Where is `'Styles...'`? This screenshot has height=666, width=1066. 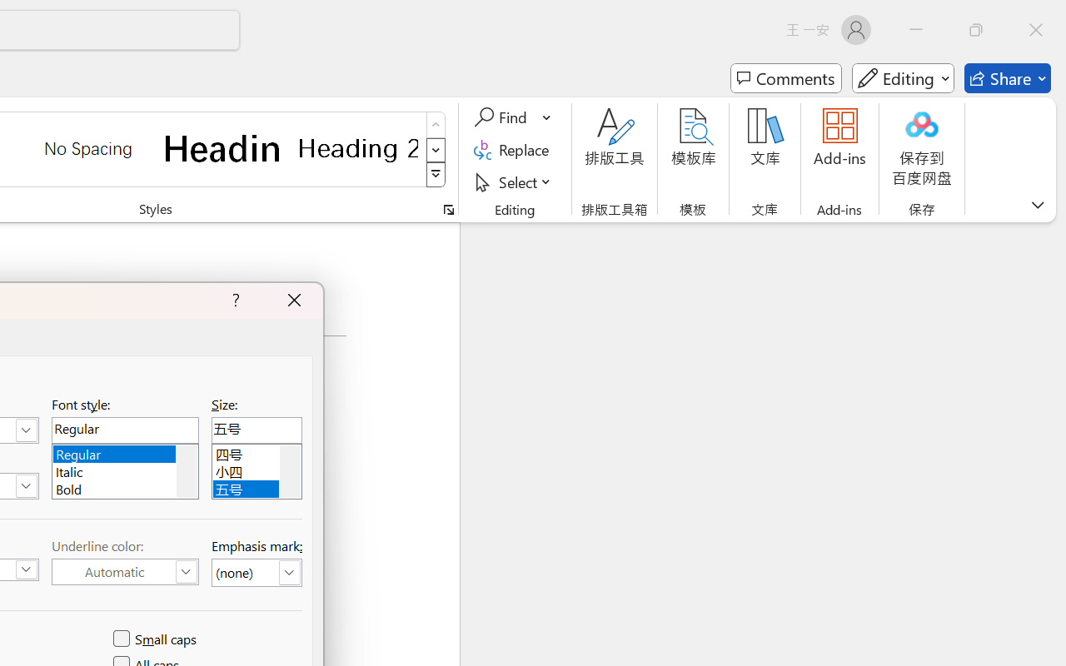 'Styles...' is located at coordinates (448, 209).